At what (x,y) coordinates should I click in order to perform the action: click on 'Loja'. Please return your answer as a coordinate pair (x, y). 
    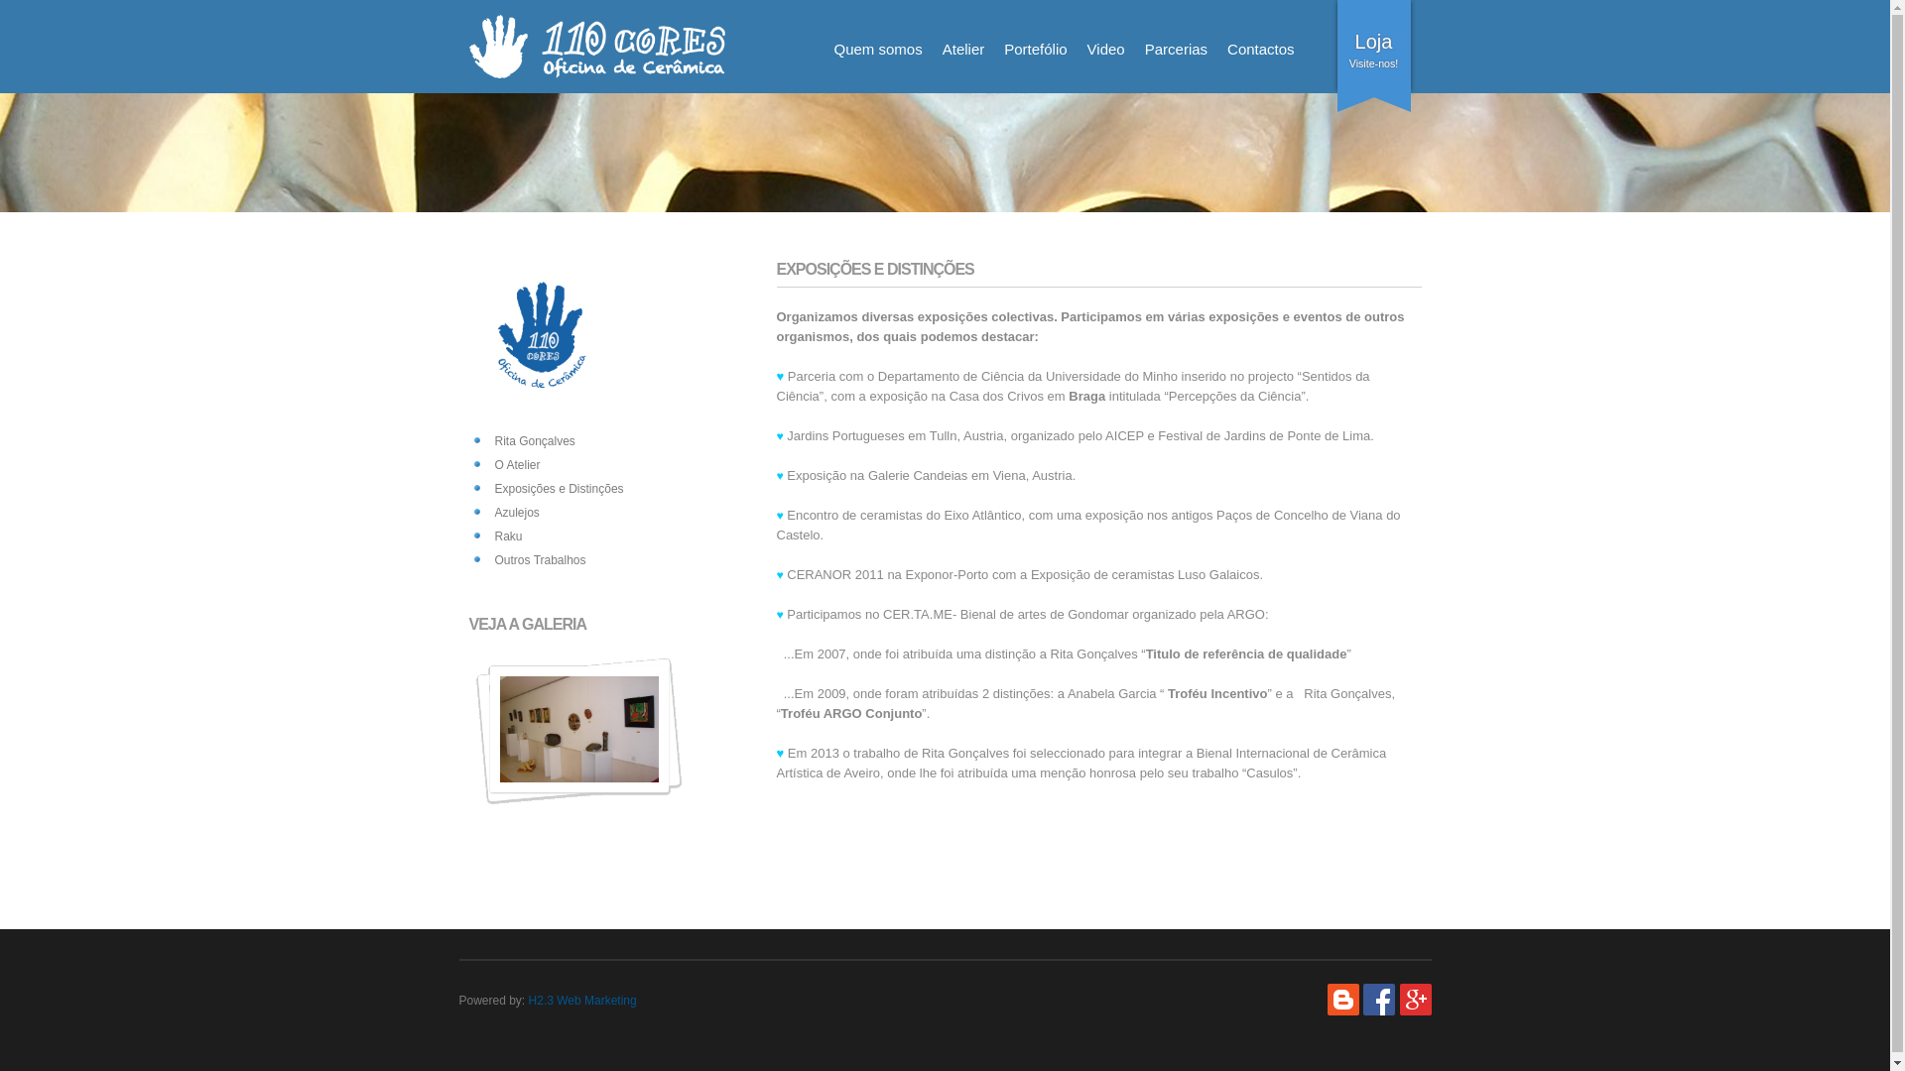
    Looking at the image, I should click on (1373, 42).